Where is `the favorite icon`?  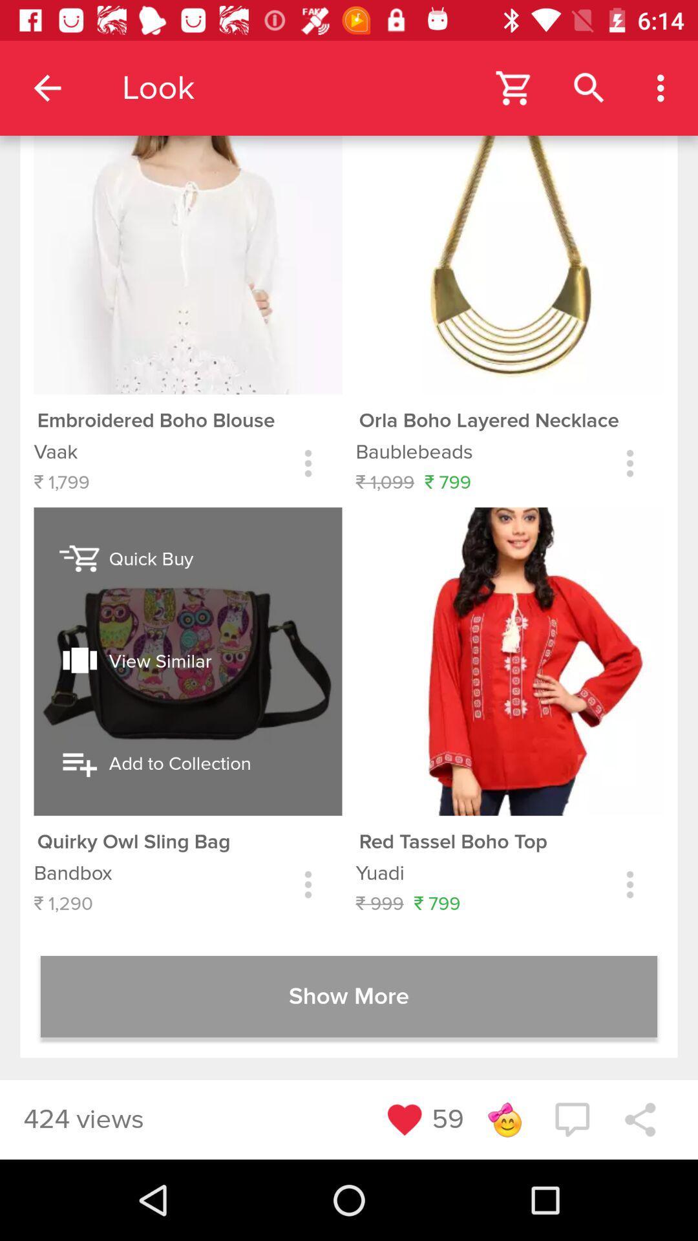
the favorite icon is located at coordinates (404, 1119).